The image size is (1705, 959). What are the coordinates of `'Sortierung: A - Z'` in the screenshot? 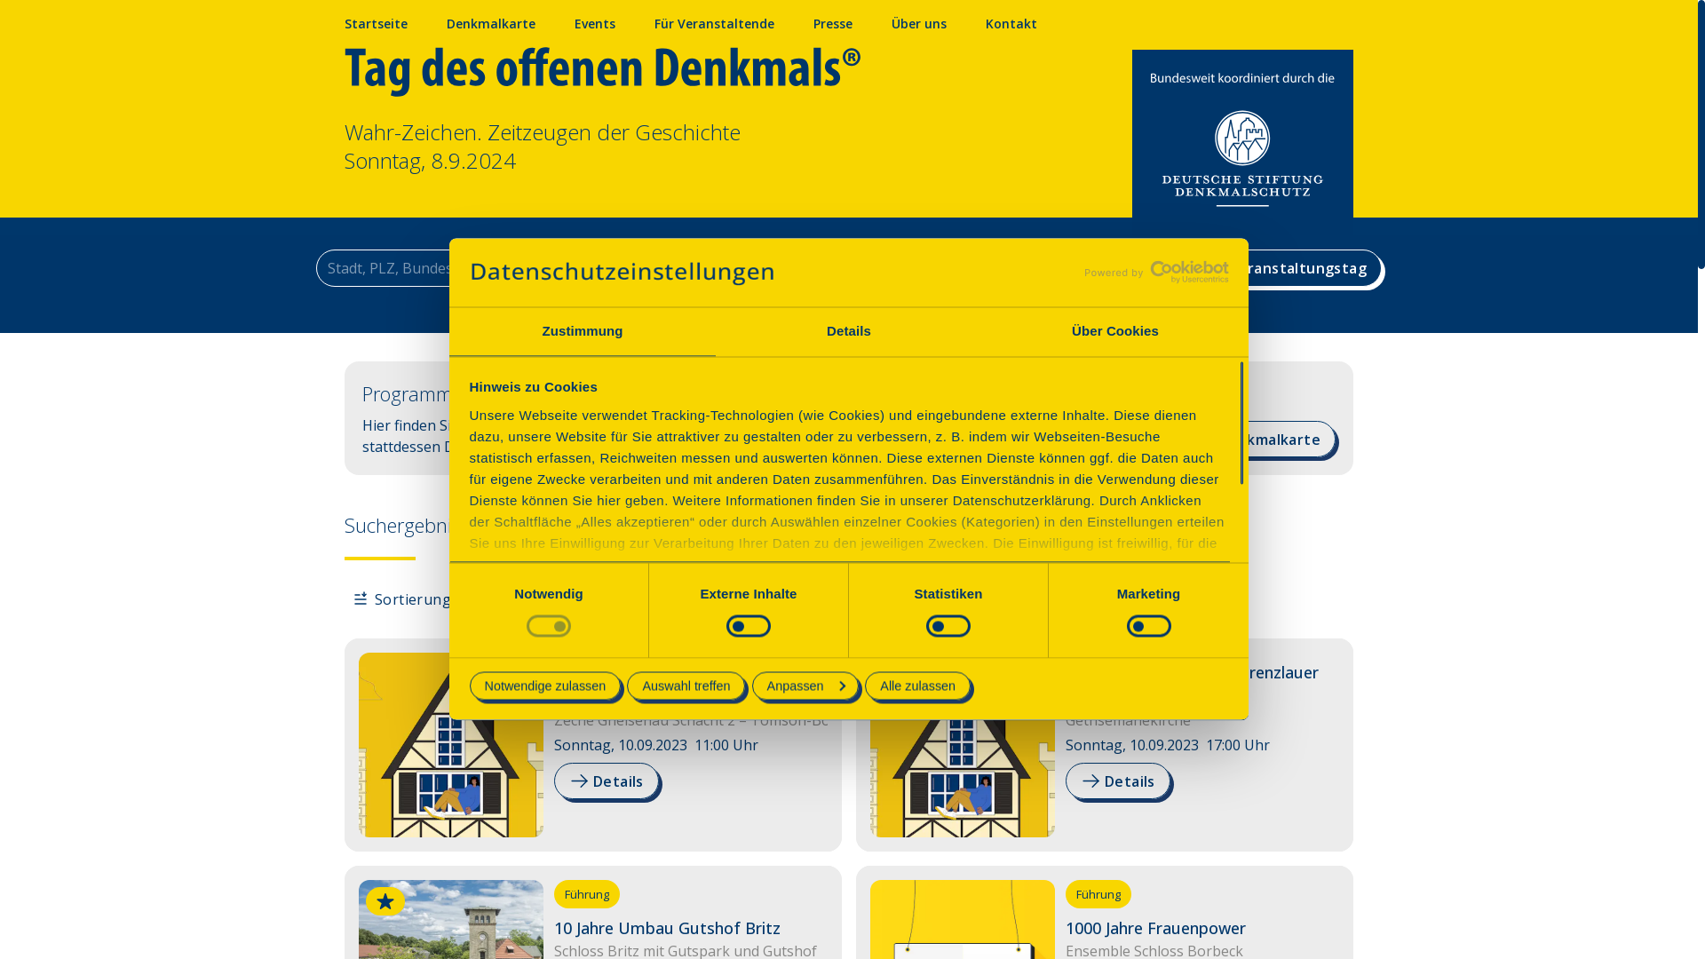 It's located at (419, 599).